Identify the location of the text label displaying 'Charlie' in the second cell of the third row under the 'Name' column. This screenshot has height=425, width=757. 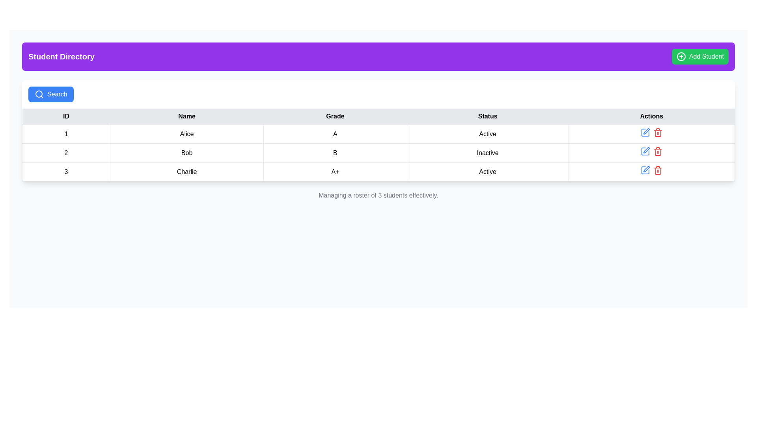
(186, 171).